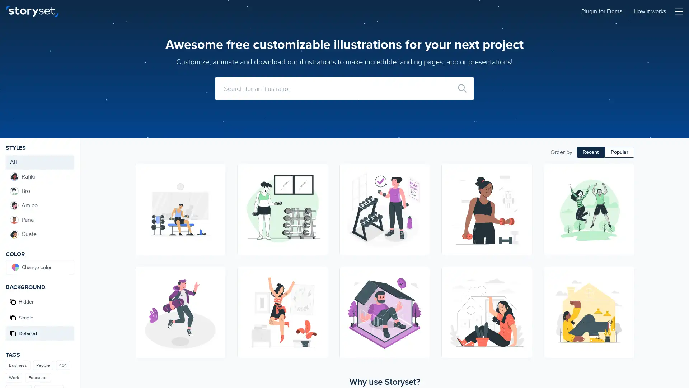 This screenshot has height=388, width=689. Describe the element at coordinates (421, 275) in the screenshot. I see `wand icon Animate` at that location.